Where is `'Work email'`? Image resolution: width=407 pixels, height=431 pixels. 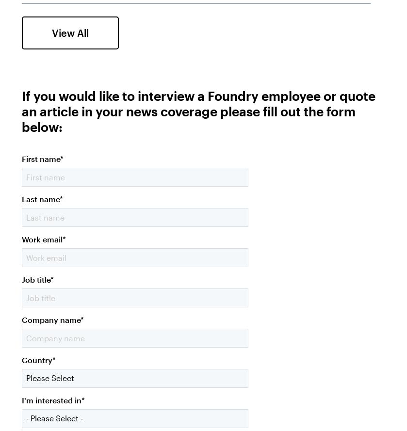 'Work email' is located at coordinates (42, 238).